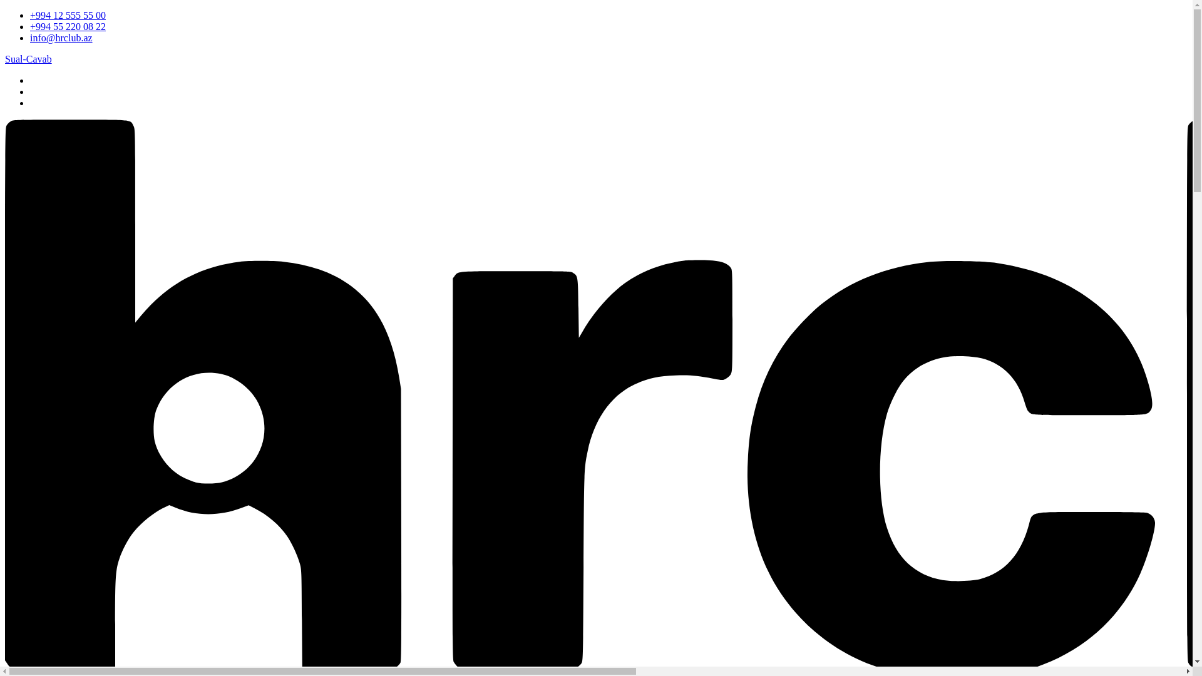 The image size is (1202, 676). What do you see at coordinates (28, 59) in the screenshot?
I see `'Sual-Cavab'` at bounding box center [28, 59].